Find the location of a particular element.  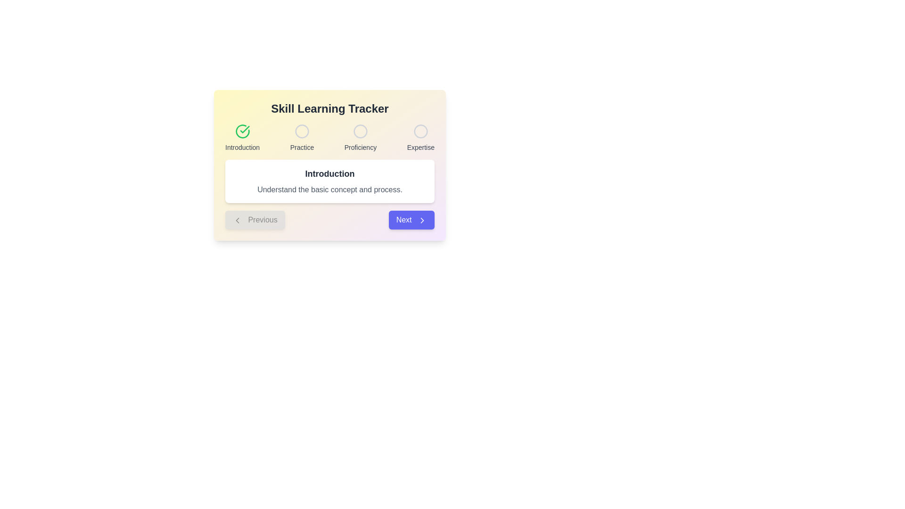

the 'Introduction' progress step indicator, which features a gray text label and a green checkmark icon, indicating completion is located at coordinates (242, 138).